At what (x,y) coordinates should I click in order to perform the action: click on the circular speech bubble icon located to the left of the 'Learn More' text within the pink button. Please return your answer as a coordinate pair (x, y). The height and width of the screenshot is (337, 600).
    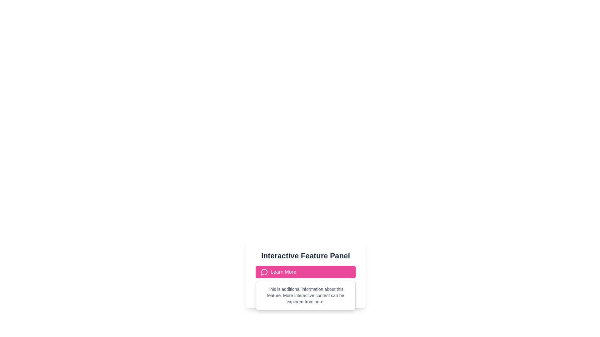
    Looking at the image, I should click on (264, 271).